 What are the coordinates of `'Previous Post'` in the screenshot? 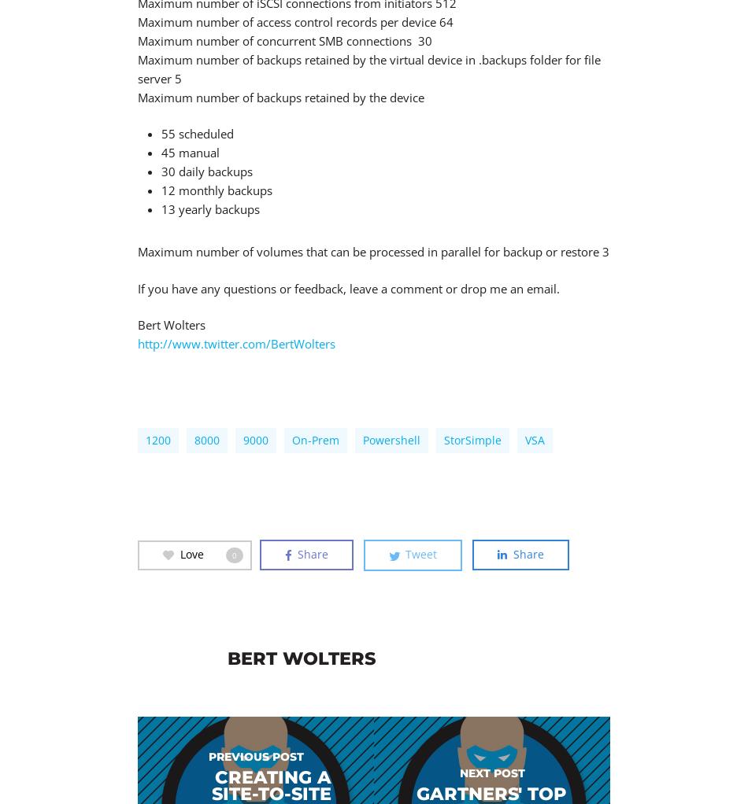 It's located at (254, 756).